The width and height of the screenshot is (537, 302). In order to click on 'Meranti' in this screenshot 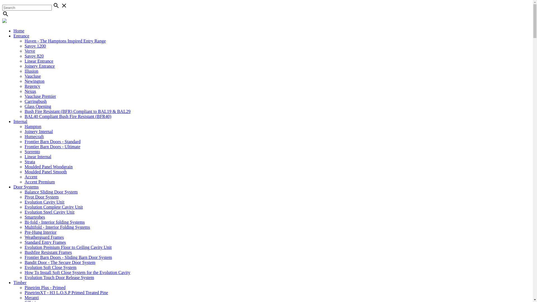, I will do `click(31, 297)`.